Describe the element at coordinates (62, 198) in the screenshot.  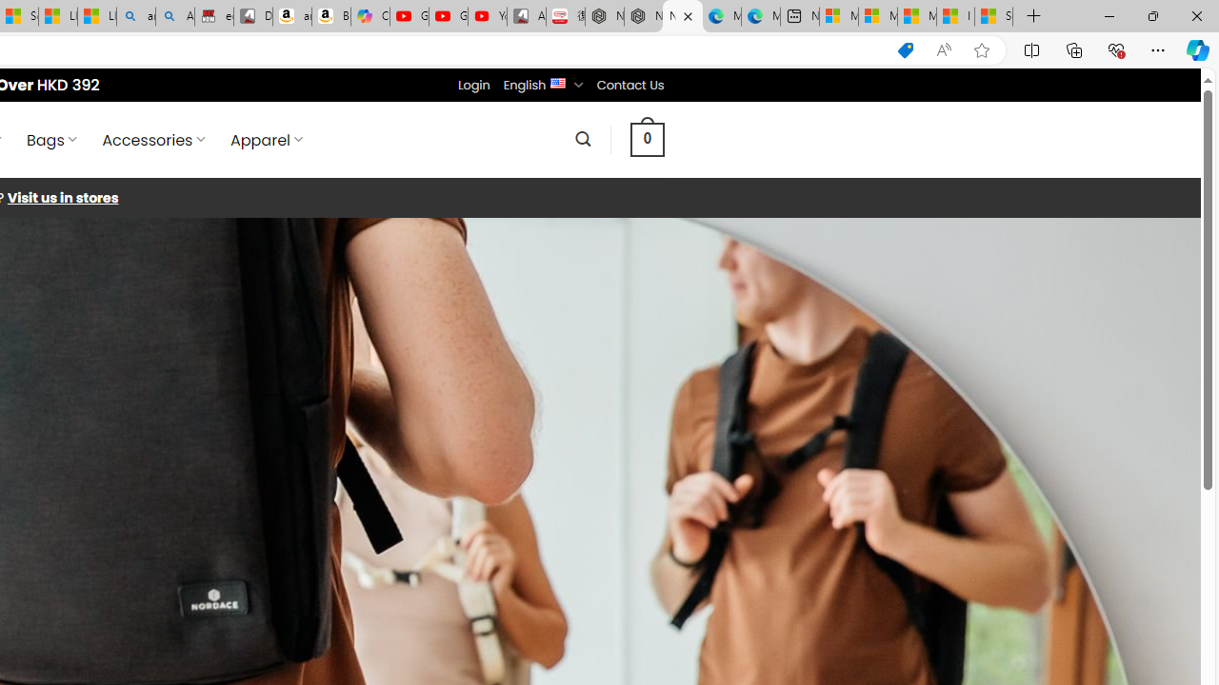
I see `'Visit us in stores'` at that location.